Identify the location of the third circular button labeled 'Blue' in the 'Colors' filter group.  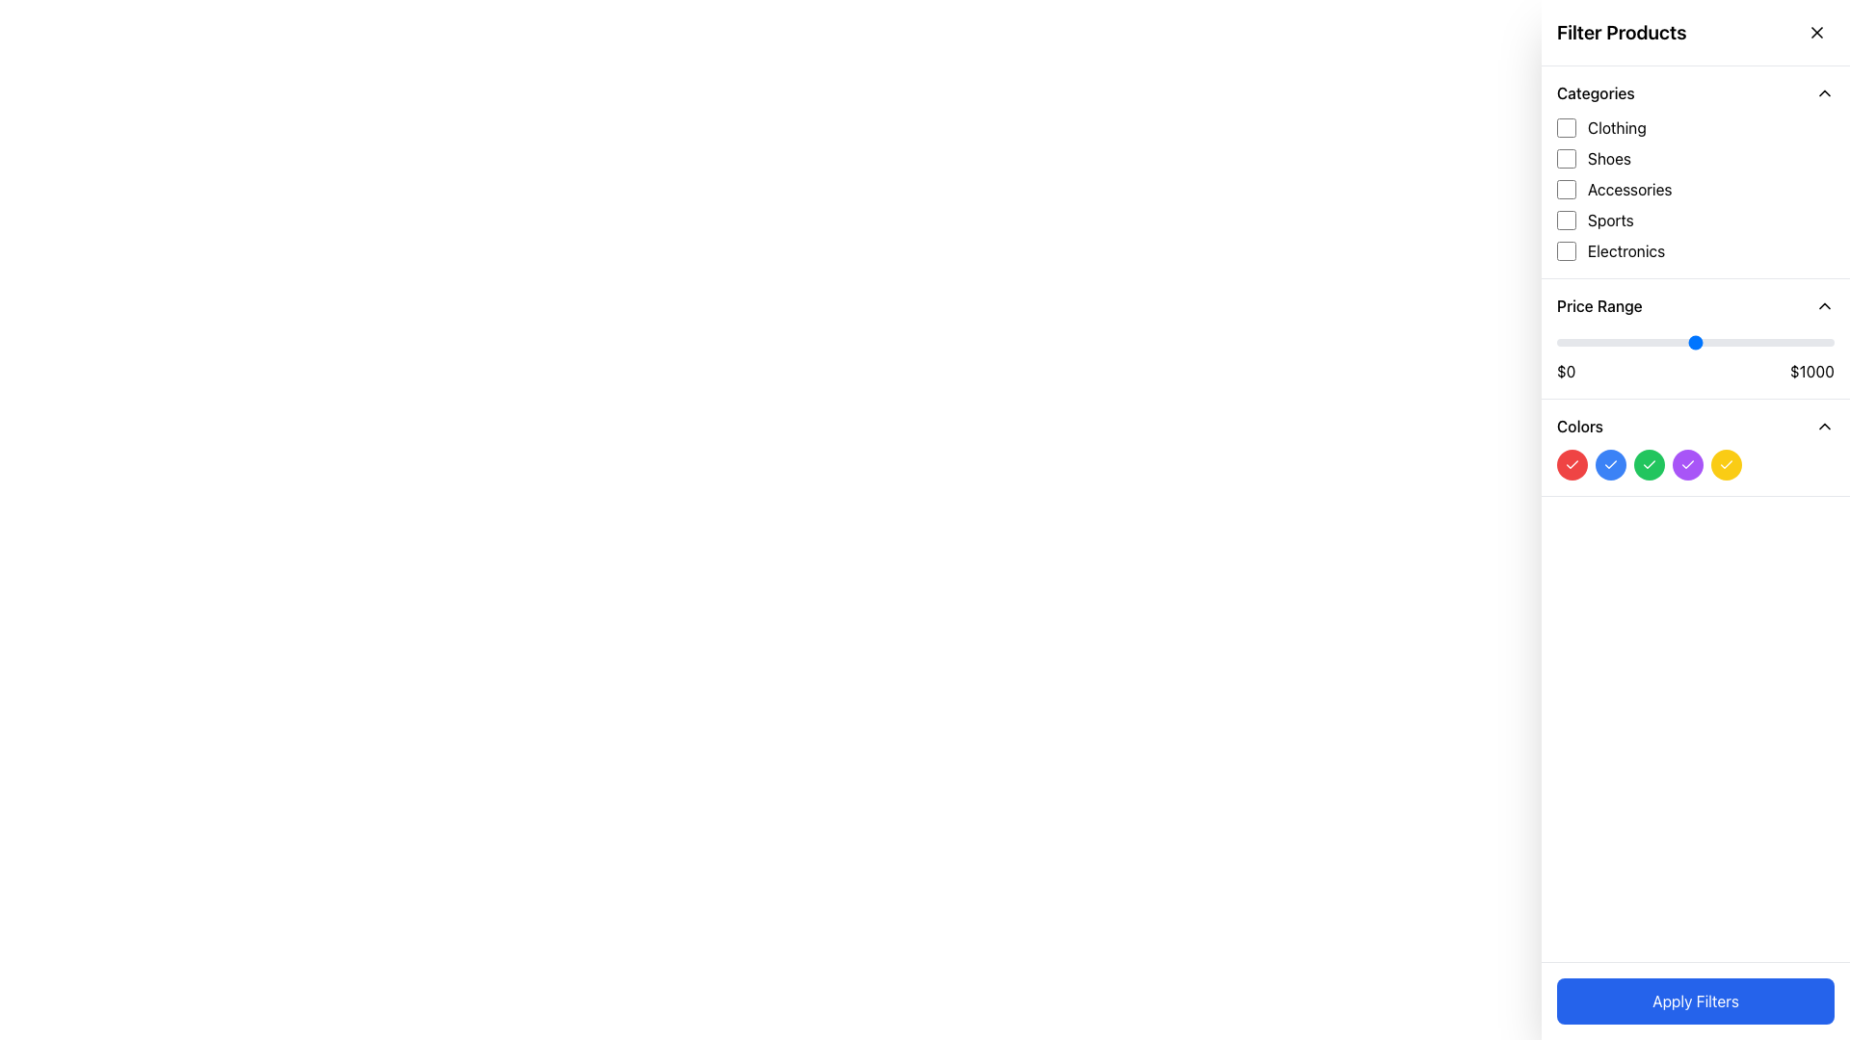
(1610, 464).